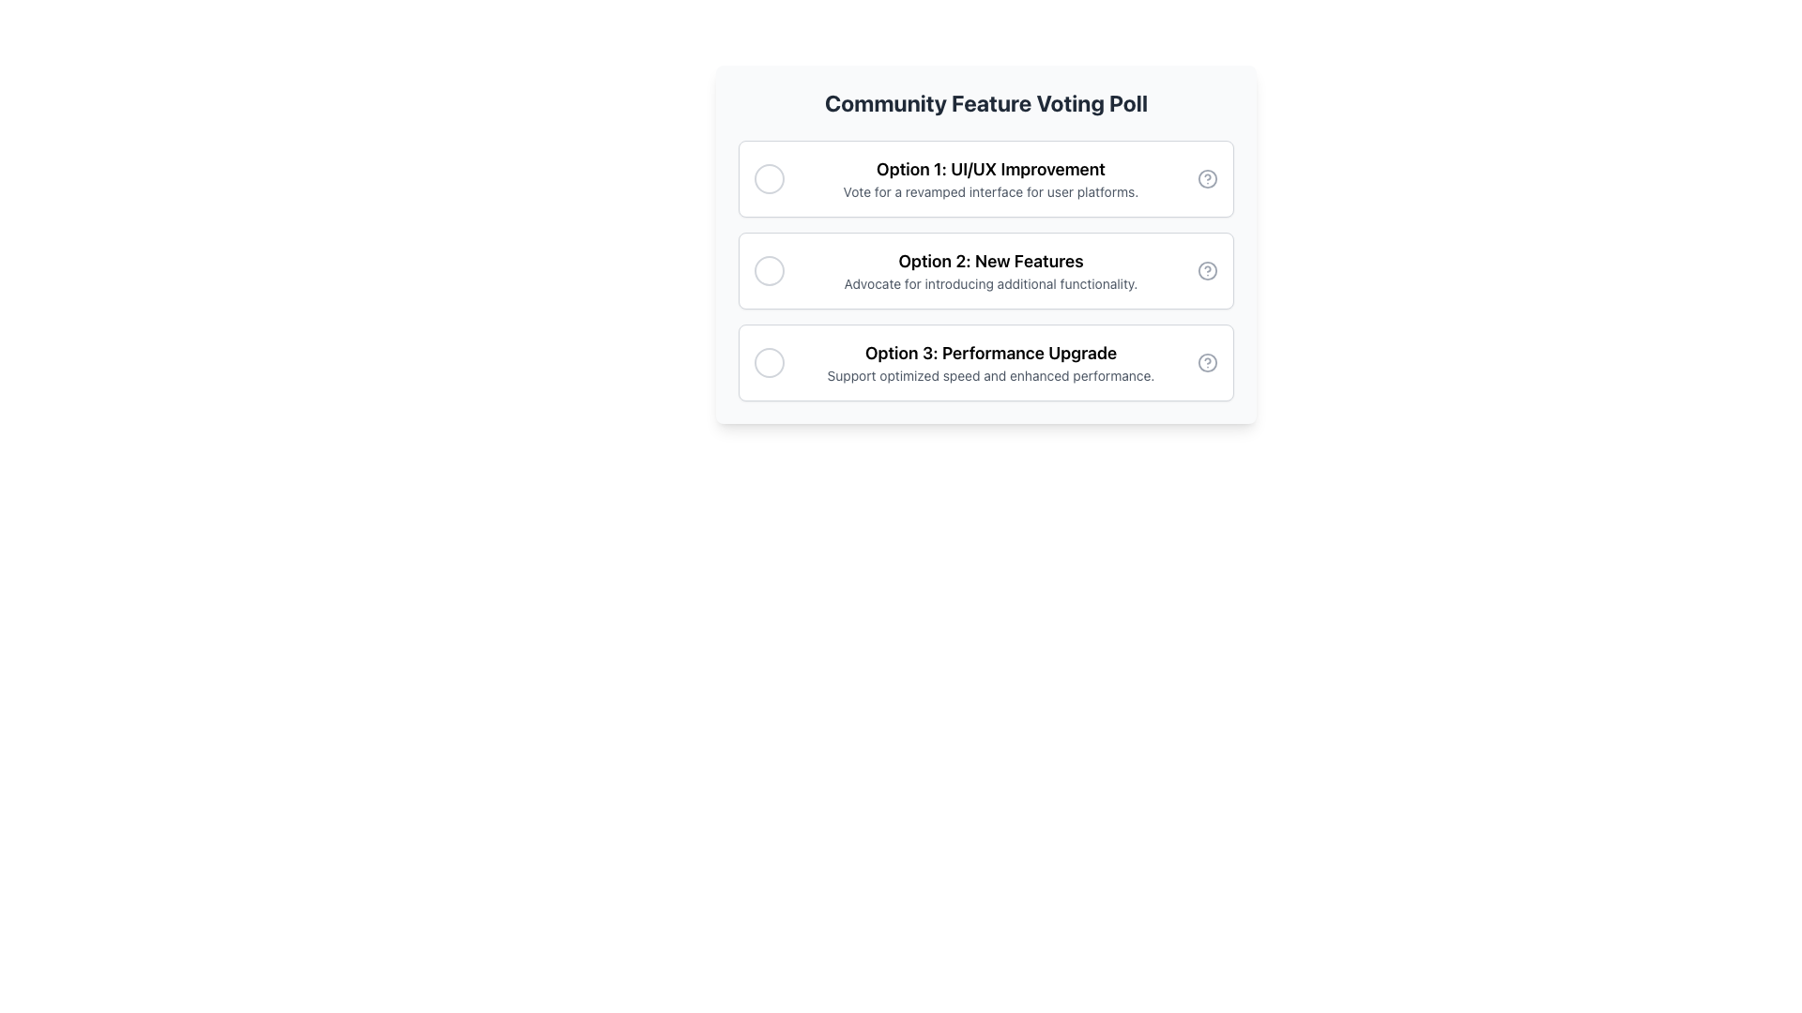  Describe the element at coordinates (1207, 362) in the screenshot. I see `the SVG Circle Shape element located next to the text 'Option 3: Performance Upgrade' in the bottom row of the voting poll interface` at that location.